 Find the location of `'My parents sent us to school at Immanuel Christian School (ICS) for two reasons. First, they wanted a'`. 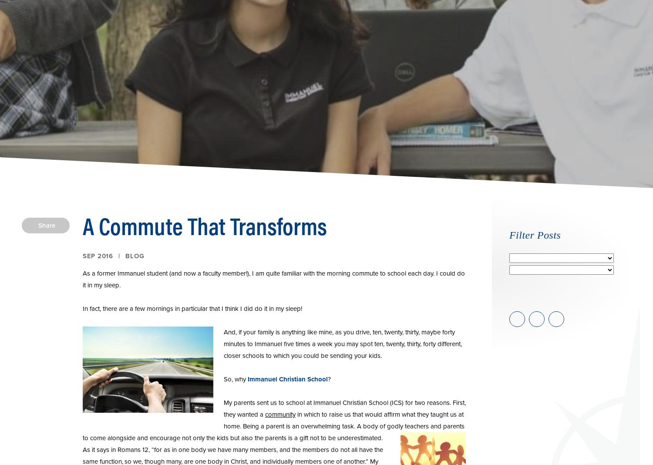

'My parents sent us to school at Immanuel Christian School (ICS) for two reasons. First, they wanted a' is located at coordinates (223, 408).